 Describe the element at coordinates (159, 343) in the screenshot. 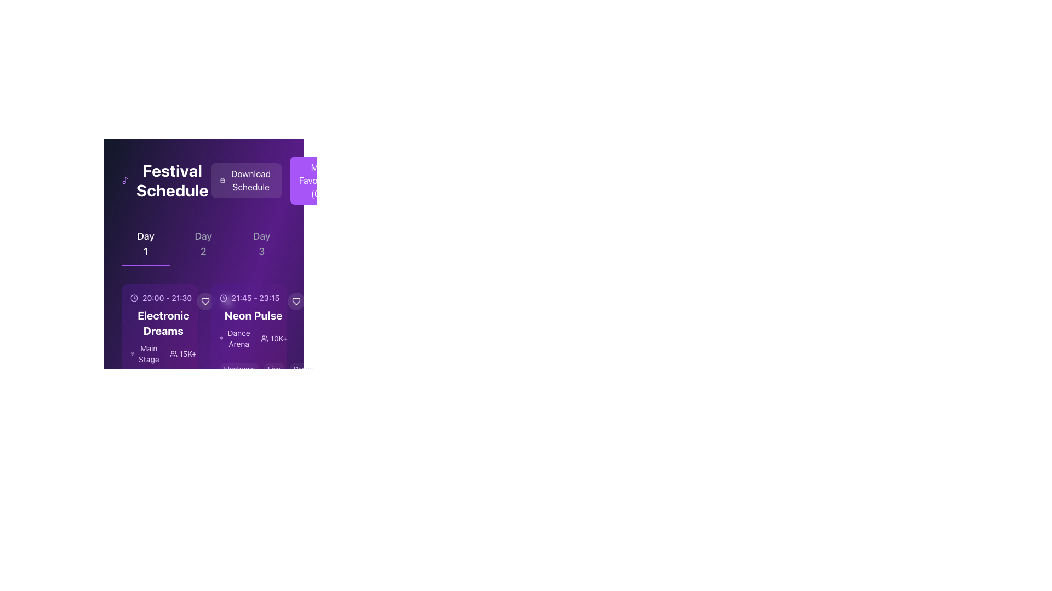

I see `the first Informative card located in the top-left corner of the grid layout` at that location.